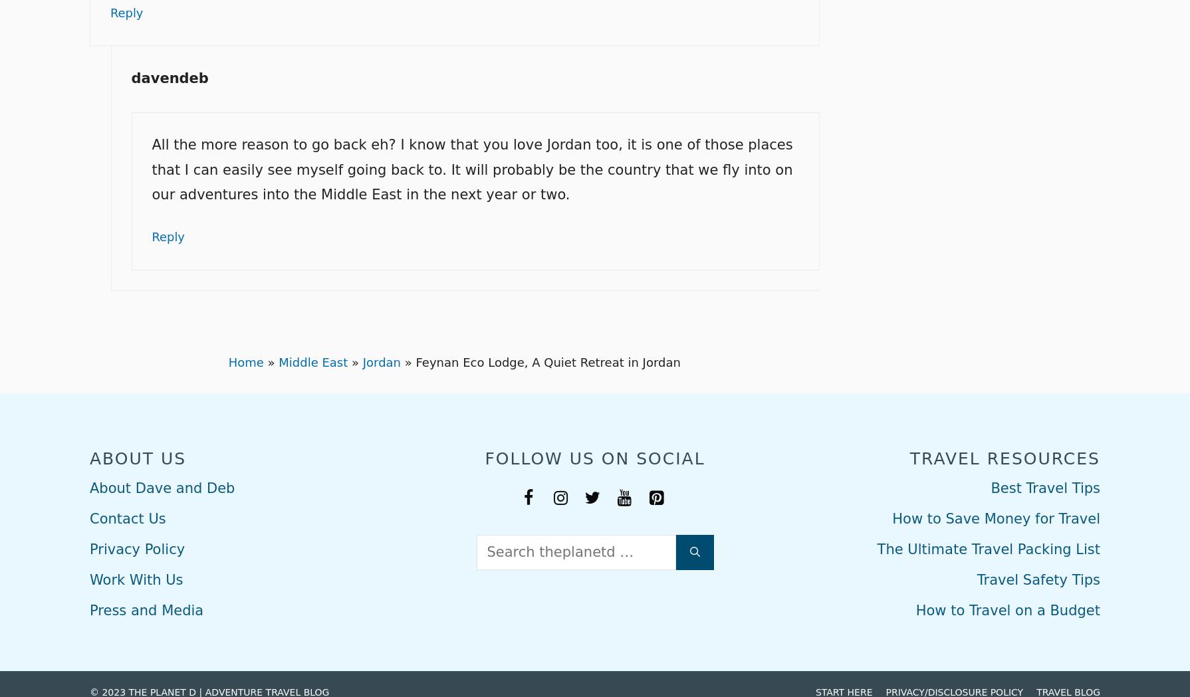  I want to click on 'THE PLANET D', so click(162, 690).